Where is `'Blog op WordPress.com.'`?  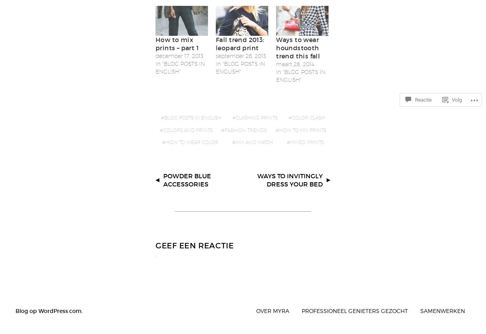 'Blog op WordPress.com.' is located at coordinates (49, 311).